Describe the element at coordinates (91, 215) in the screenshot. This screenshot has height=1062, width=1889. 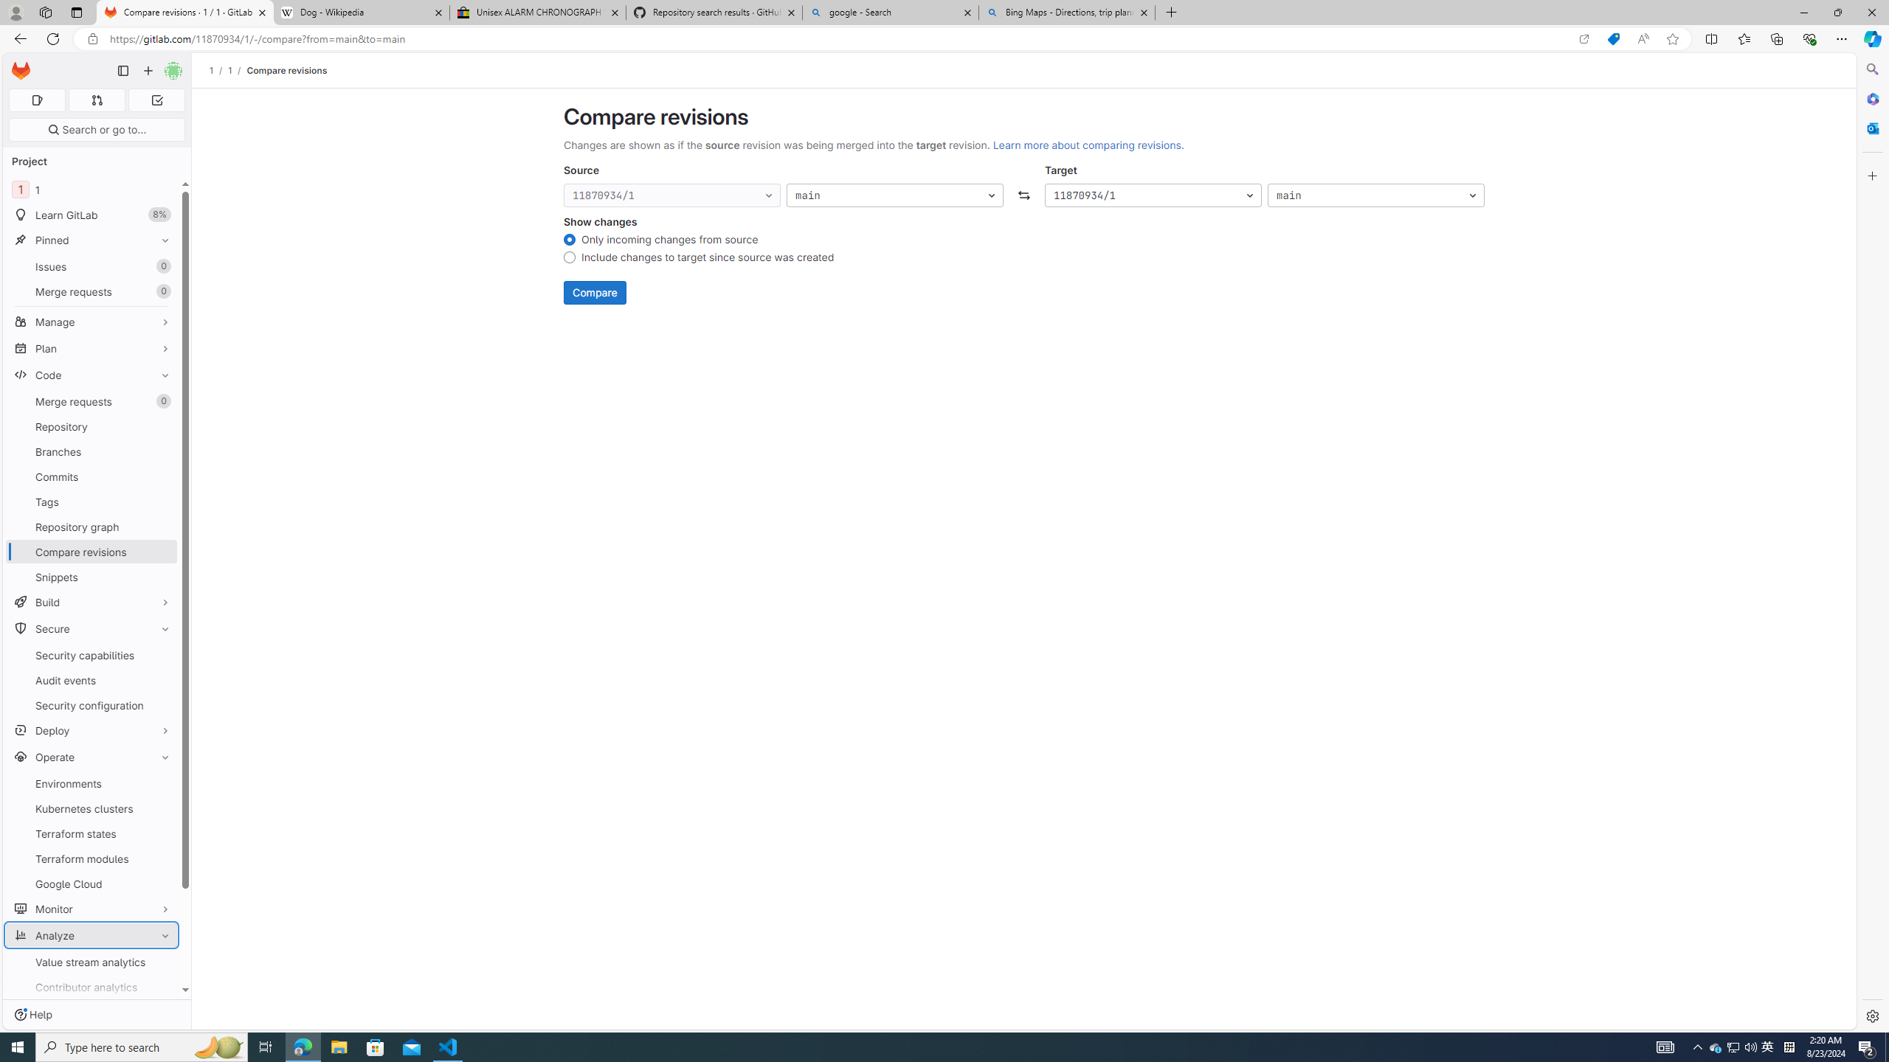
I see `'Learn GitLab8%'` at that location.